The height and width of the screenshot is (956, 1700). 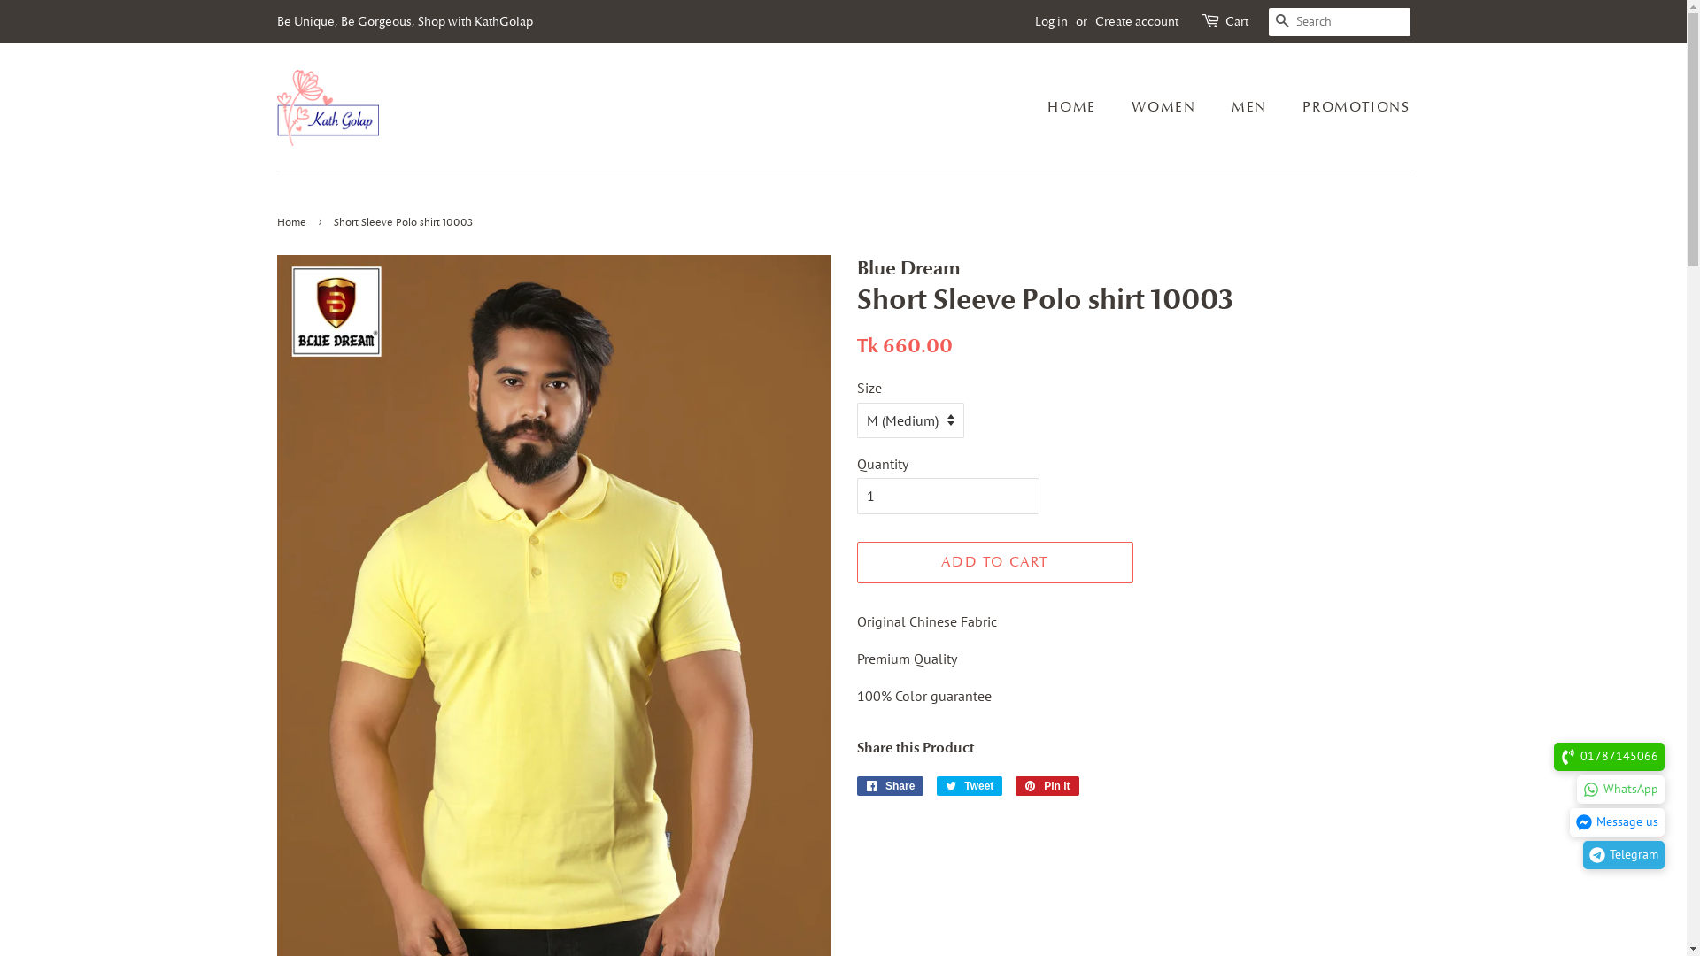 What do you see at coordinates (1282, 22) in the screenshot?
I see `'SEARCH'` at bounding box center [1282, 22].